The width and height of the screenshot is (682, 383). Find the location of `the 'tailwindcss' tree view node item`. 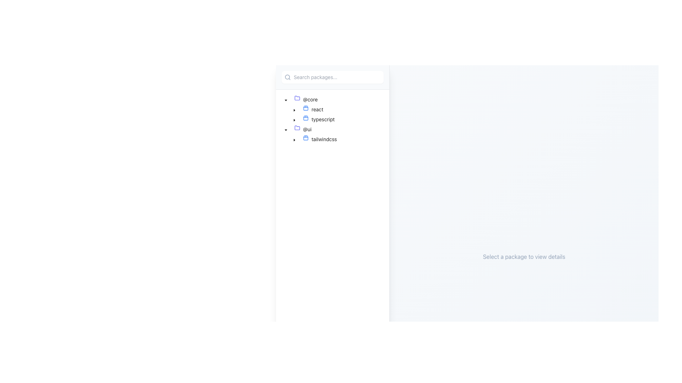

the 'tailwindcss' tree view node item is located at coordinates (310, 139).